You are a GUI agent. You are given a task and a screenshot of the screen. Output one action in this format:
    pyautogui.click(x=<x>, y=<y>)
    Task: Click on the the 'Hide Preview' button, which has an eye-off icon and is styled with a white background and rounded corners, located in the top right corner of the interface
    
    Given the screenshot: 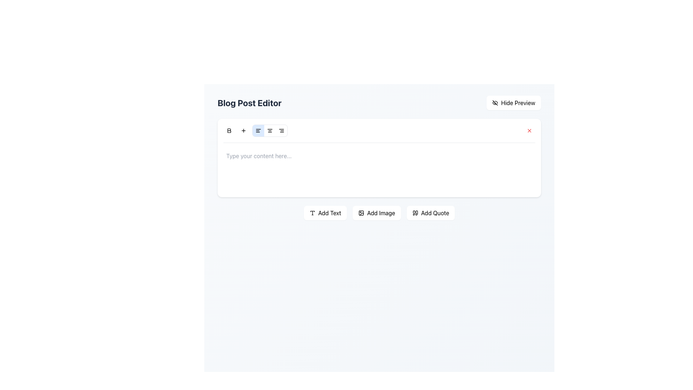 What is the action you would take?
    pyautogui.click(x=513, y=103)
    